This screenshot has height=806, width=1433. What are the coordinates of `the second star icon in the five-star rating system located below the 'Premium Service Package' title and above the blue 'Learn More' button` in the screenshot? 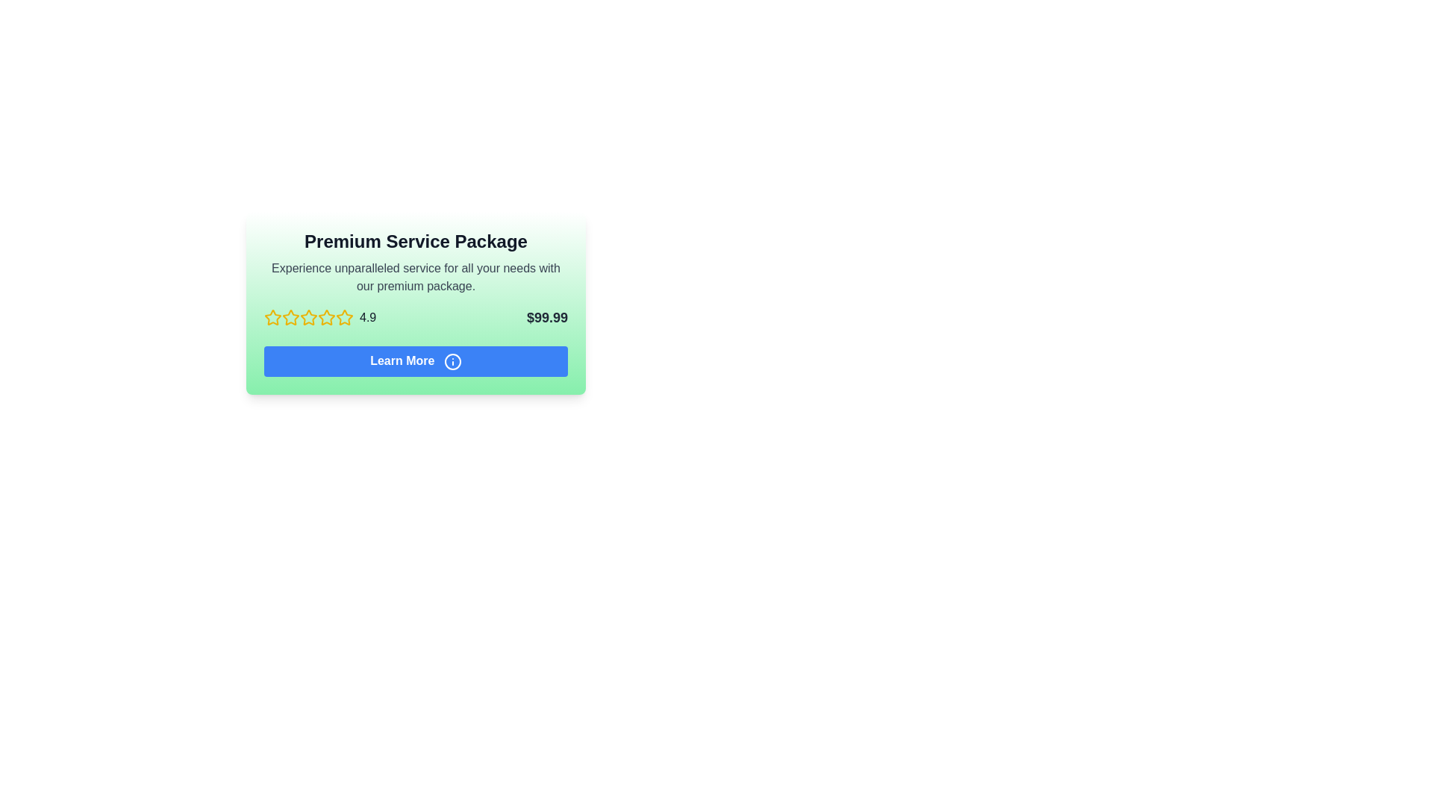 It's located at (290, 316).